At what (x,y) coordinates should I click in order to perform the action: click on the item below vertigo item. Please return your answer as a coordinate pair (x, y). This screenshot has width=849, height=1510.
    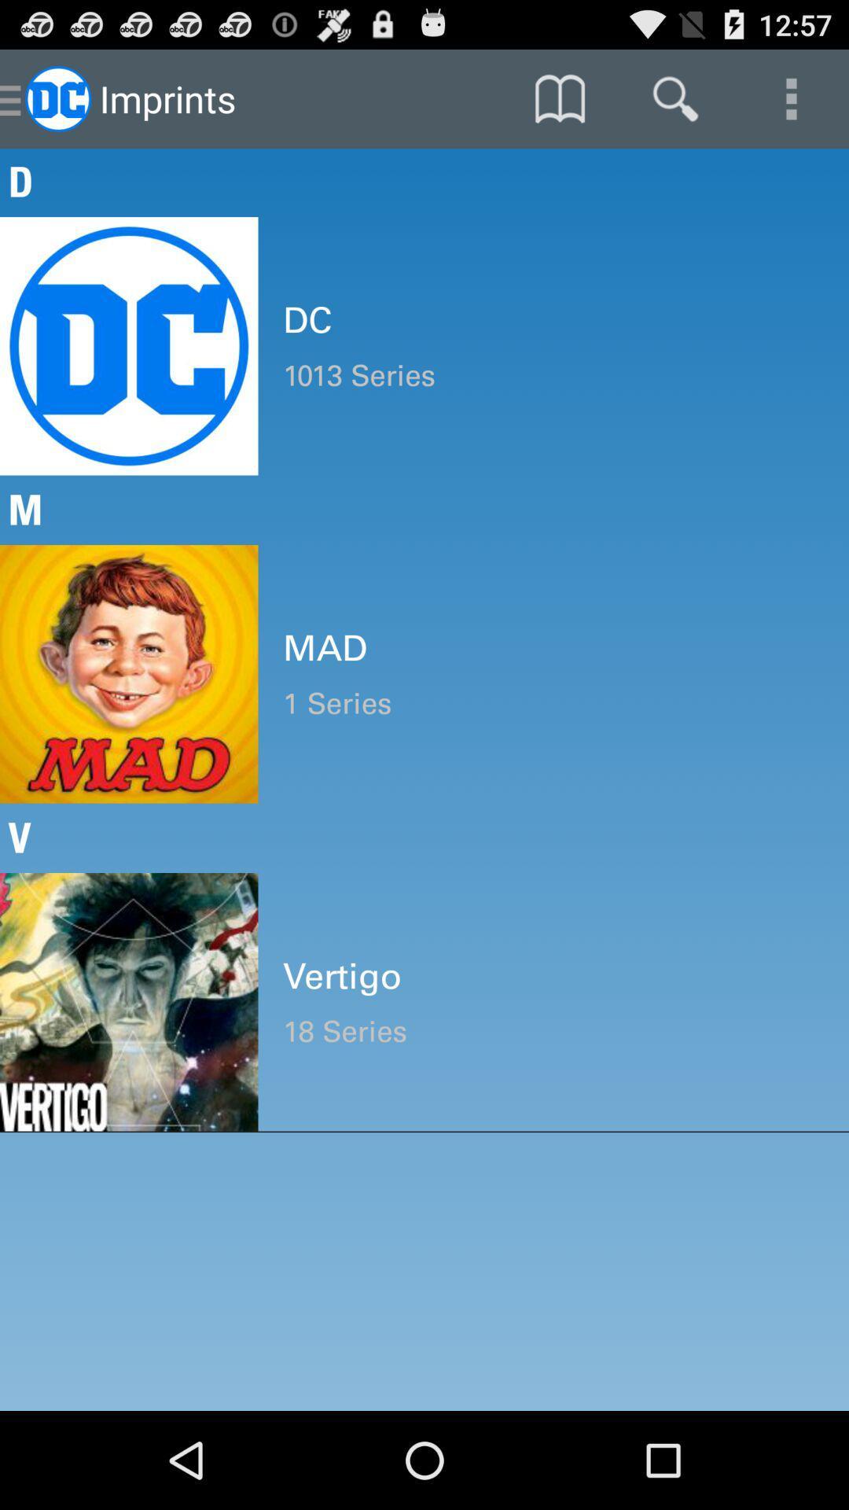
    Looking at the image, I should click on (553, 1031).